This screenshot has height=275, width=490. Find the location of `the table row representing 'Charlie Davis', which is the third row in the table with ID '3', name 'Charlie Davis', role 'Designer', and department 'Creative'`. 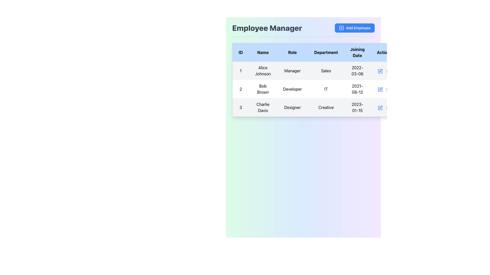

the table row representing 'Charlie Davis', which is the third row in the table with ID '3', name 'Charlie Davis', role 'Designer', and department 'Creative' is located at coordinates (315, 107).